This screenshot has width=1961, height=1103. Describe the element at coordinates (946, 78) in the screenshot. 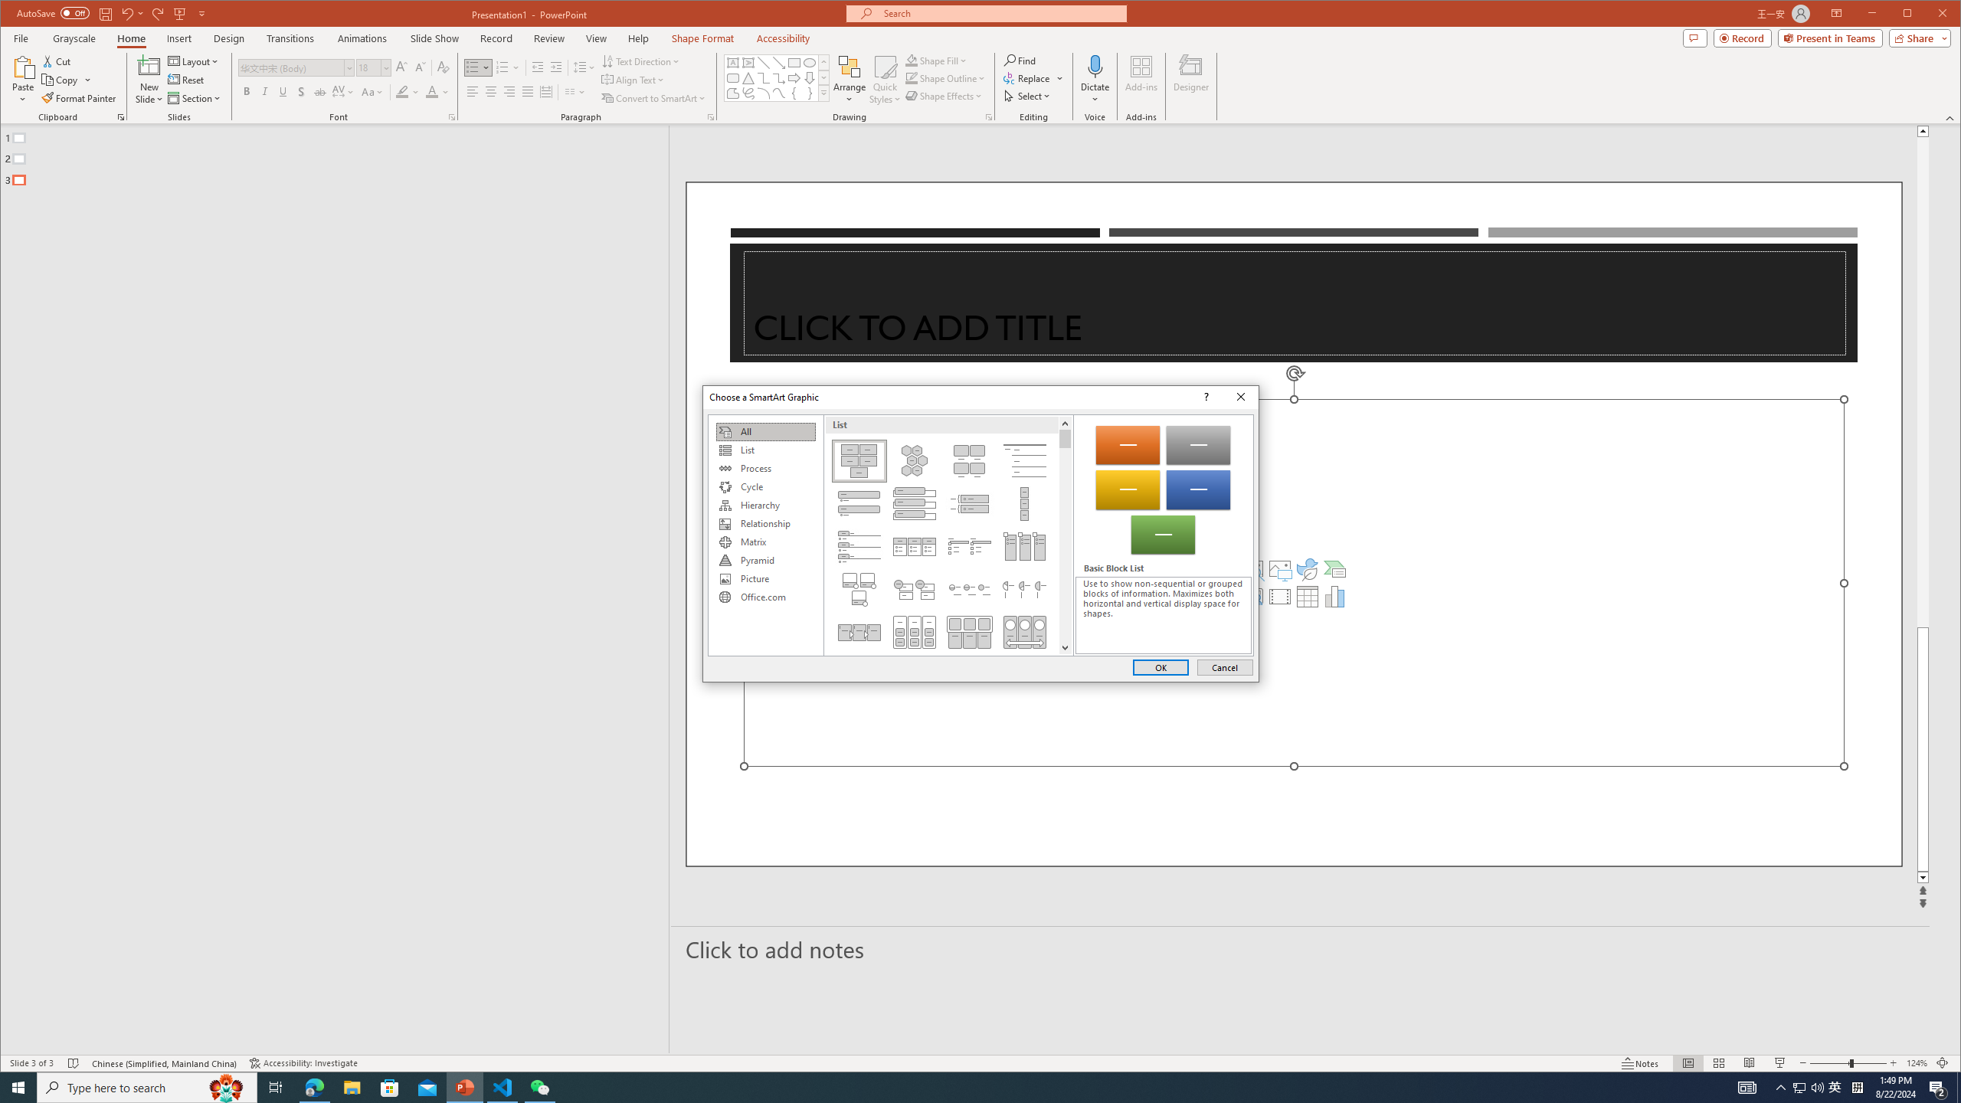

I see `'Shape Outline'` at that location.